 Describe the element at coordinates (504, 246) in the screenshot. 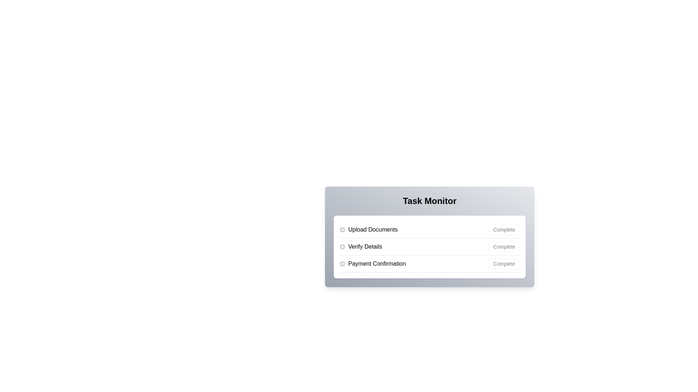

I see `the disabled 'Complete' button, which is the third right-aligned button in the task monitor interface beside the 'Verify Details' label` at that location.